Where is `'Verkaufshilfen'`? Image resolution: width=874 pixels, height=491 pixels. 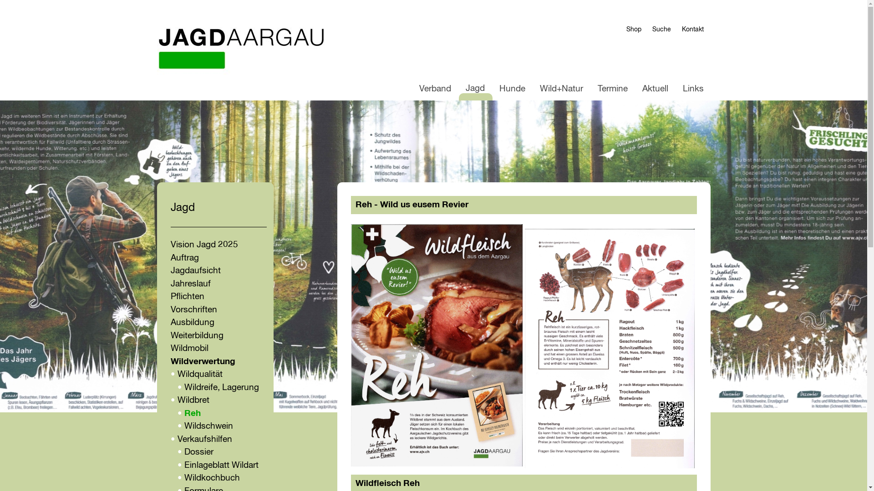
'Verkaufshilfen' is located at coordinates (204, 439).